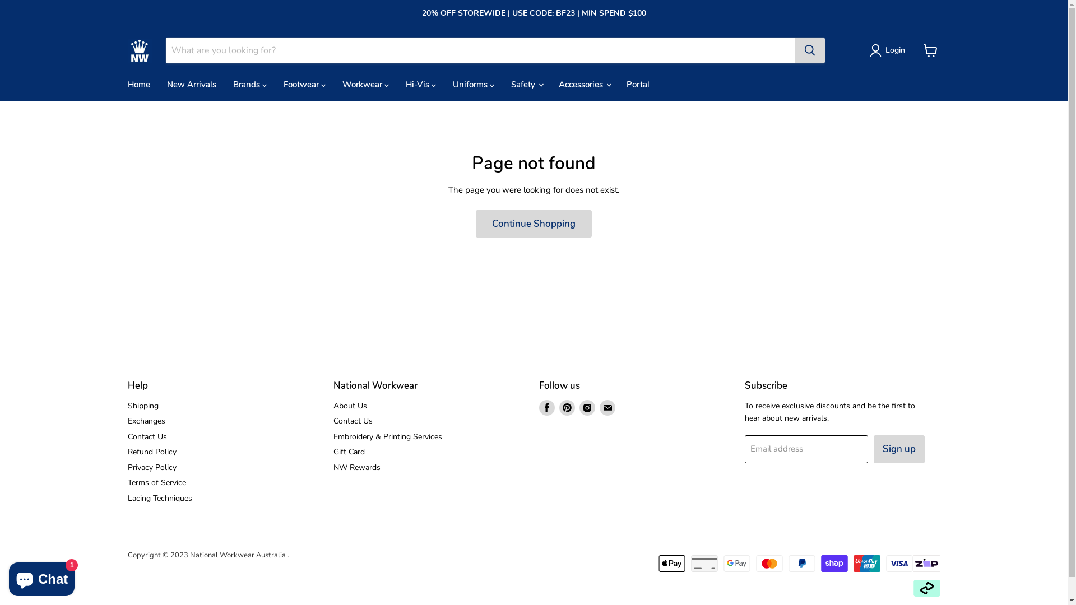 The width and height of the screenshot is (1076, 605). What do you see at coordinates (159, 497) in the screenshot?
I see `'Lacing Techniques'` at bounding box center [159, 497].